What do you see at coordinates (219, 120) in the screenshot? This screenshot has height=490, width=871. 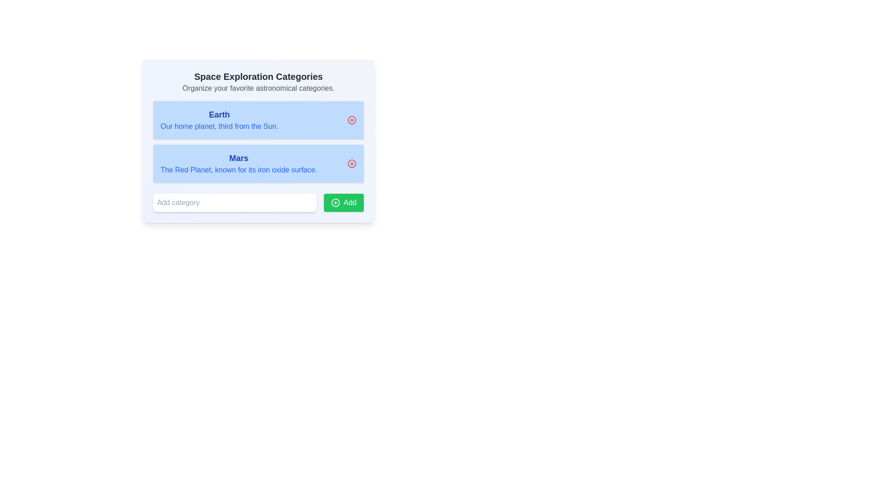 I see `the text block titled 'Earth', which contains the description 'Our home planet, third from the Sun.'` at bounding box center [219, 120].